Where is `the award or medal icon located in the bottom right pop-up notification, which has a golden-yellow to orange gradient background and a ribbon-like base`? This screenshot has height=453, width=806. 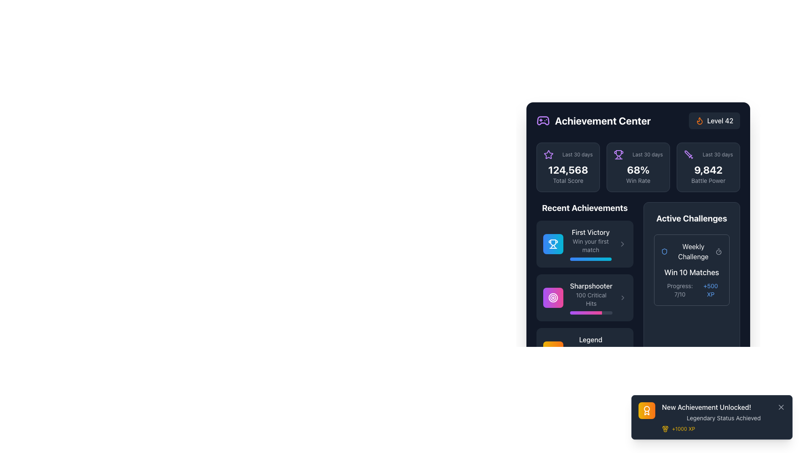 the award or medal icon located in the bottom right pop-up notification, which has a golden-yellow to orange gradient background and a ribbon-like base is located at coordinates (646, 410).